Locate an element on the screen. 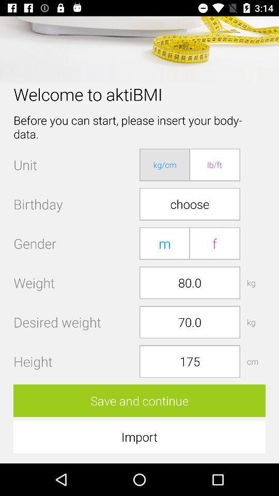 This screenshot has height=496, width=279. the icon to the left of cm icon is located at coordinates (189, 361).